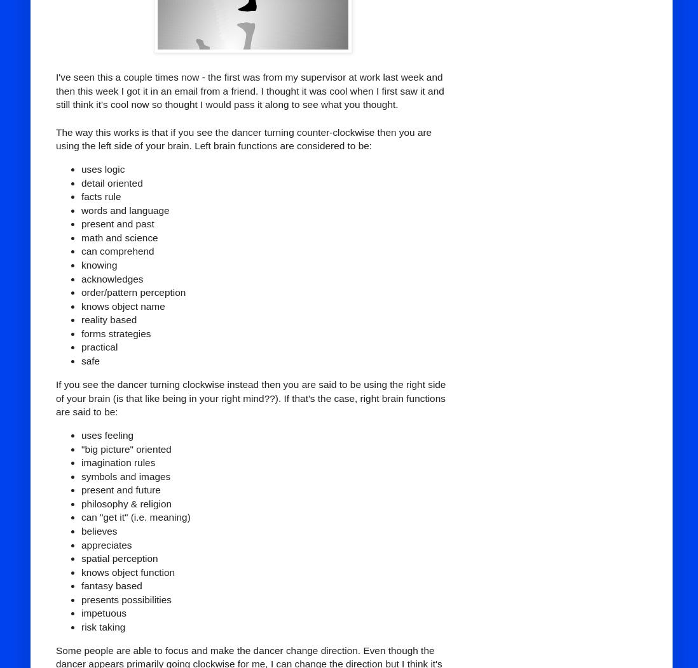 The height and width of the screenshot is (668, 698). I want to click on 'risk taking', so click(103, 626).